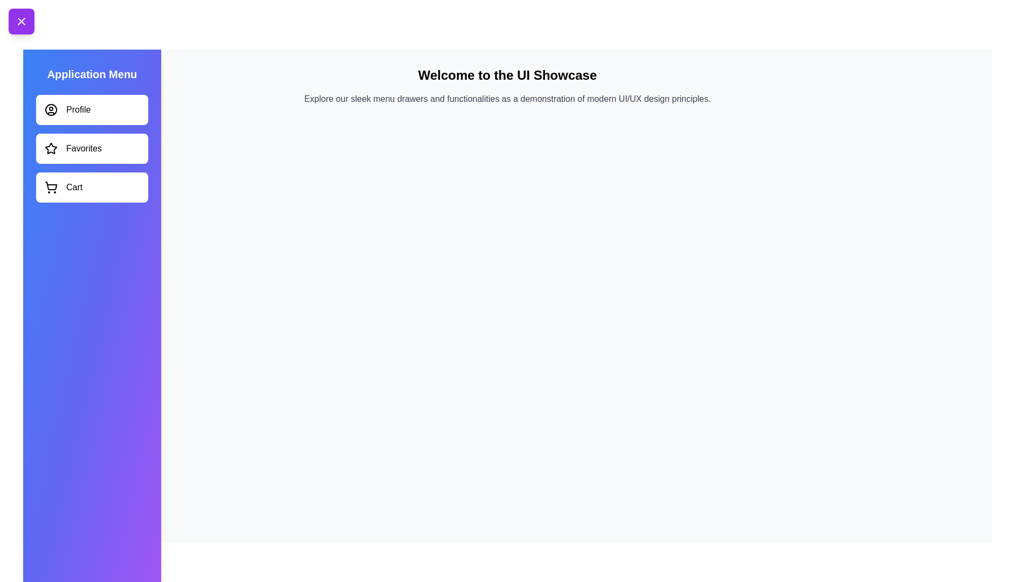 Image resolution: width=1035 pixels, height=582 pixels. I want to click on the menu item labeled Favorites, so click(92, 149).